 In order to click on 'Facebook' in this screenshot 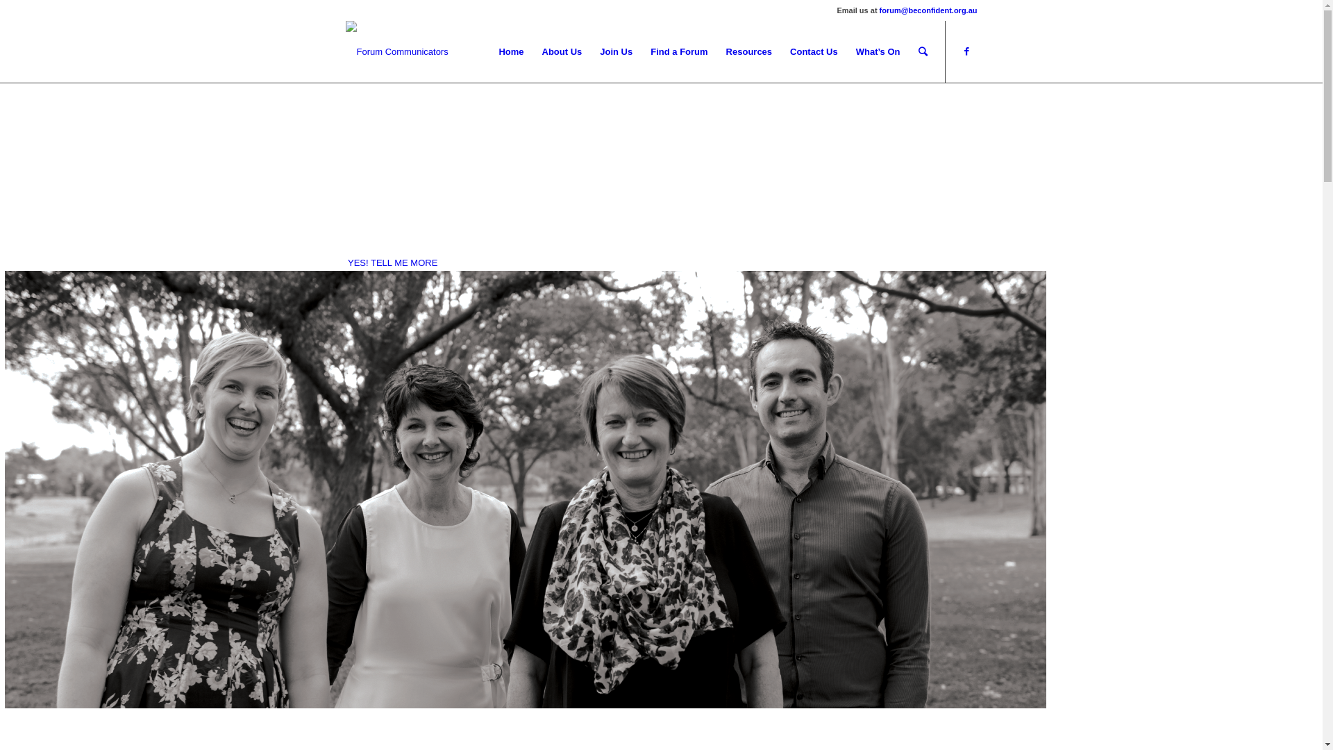, I will do `click(966, 50)`.